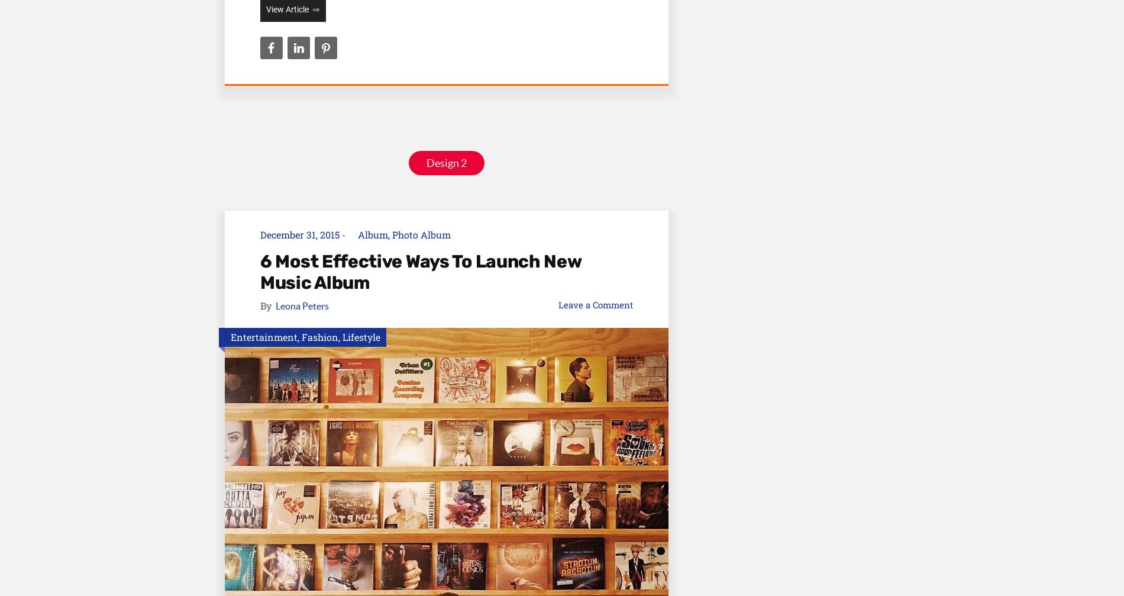 The height and width of the screenshot is (596, 1124). I want to click on 'Design 2', so click(446, 162).